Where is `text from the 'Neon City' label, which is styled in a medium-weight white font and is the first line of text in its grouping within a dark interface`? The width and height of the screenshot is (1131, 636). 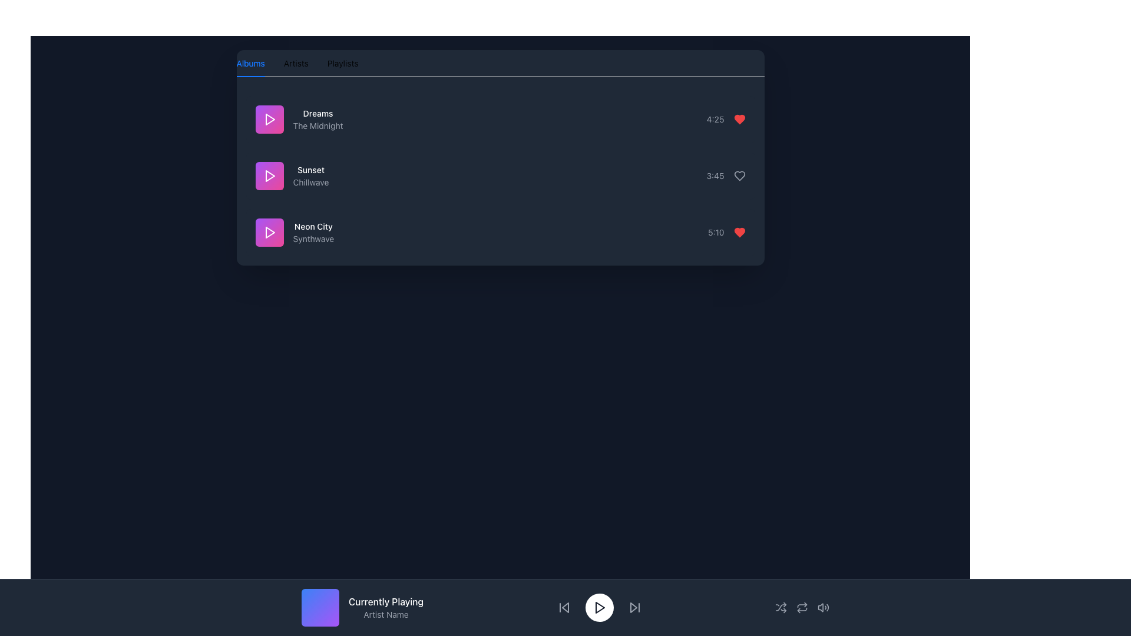
text from the 'Neon City' label, which is styled in a medium-weight white font and is the first line of text in its grouping within a dark interface is located at coordinates (313, 227).